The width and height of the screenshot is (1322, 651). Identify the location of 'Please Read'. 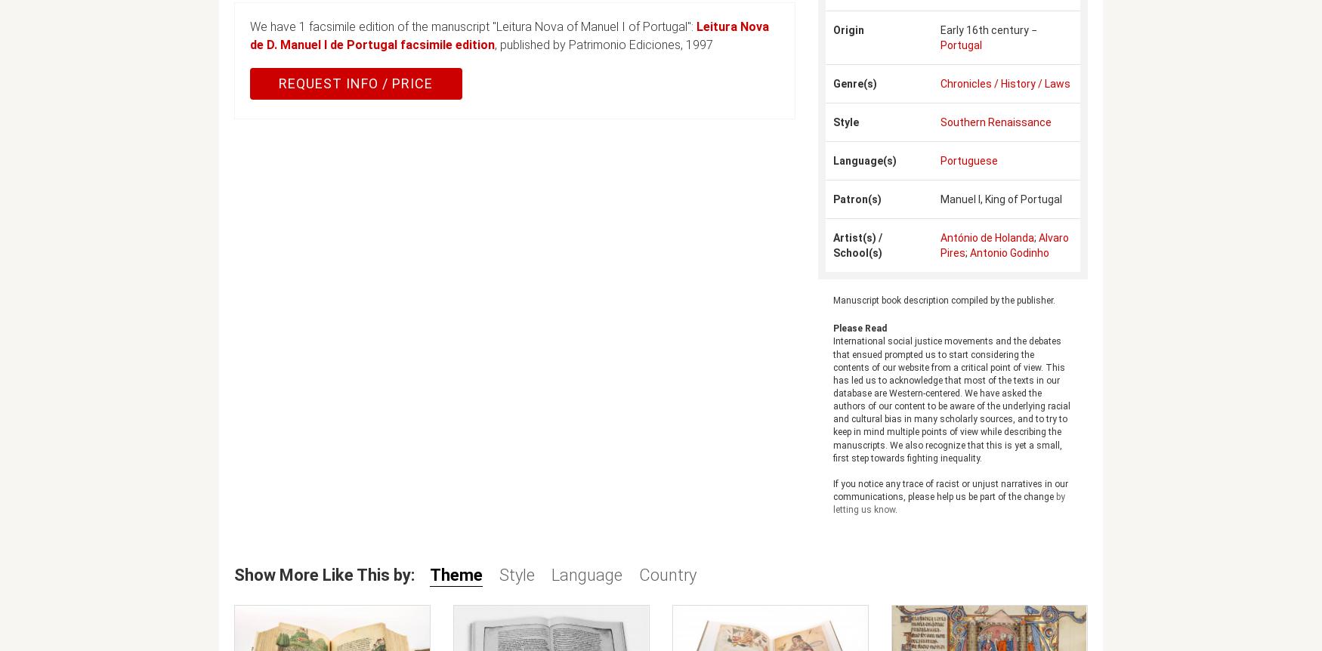
(859, 328).